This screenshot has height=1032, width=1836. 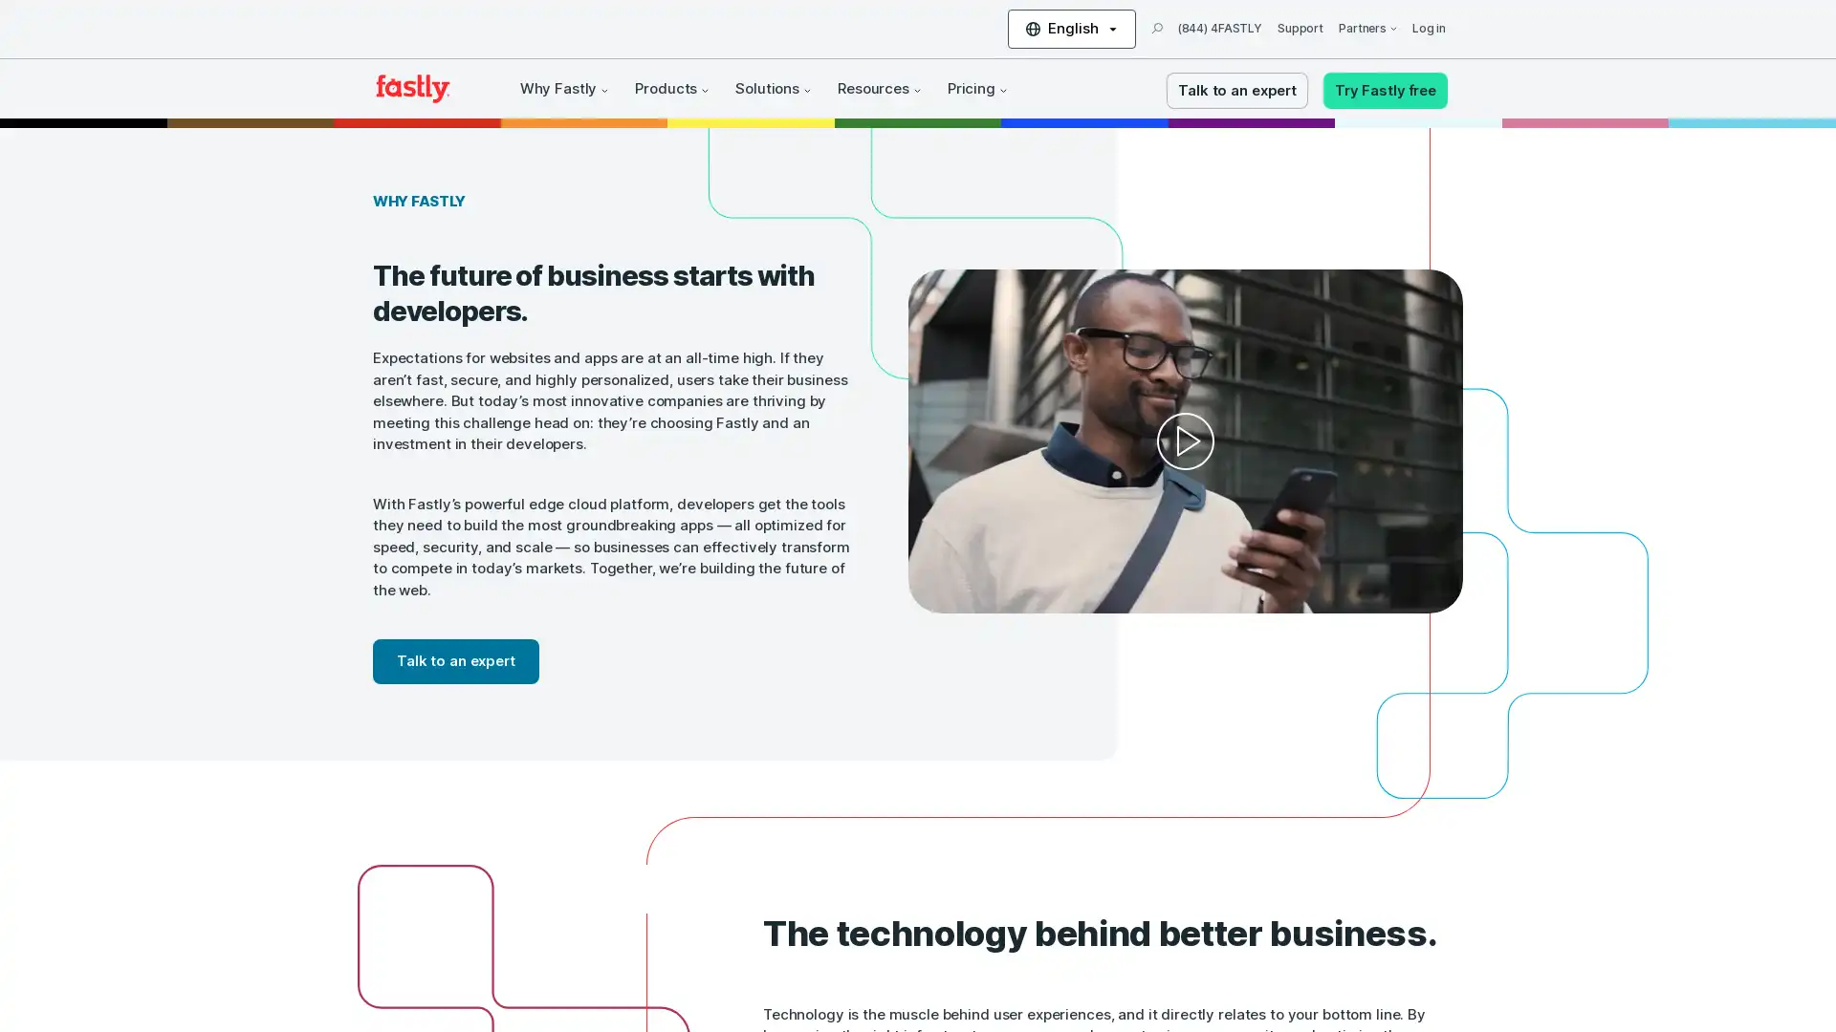 I want to click on play, so click(x=1169, y=437).